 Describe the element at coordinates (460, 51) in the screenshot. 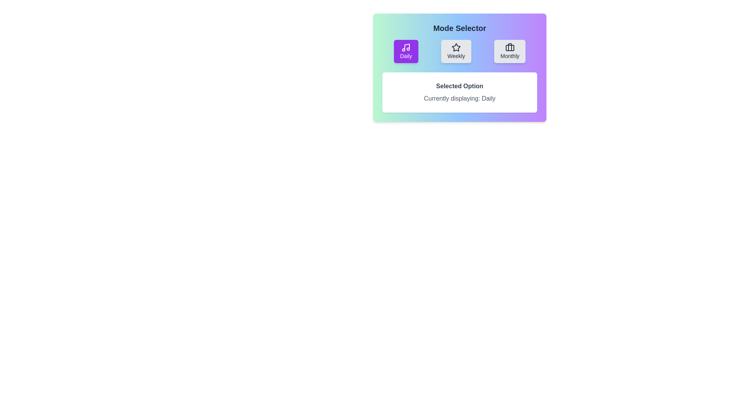

I see `the mode selection buttons in the 'Mode Selector' section` at that location.